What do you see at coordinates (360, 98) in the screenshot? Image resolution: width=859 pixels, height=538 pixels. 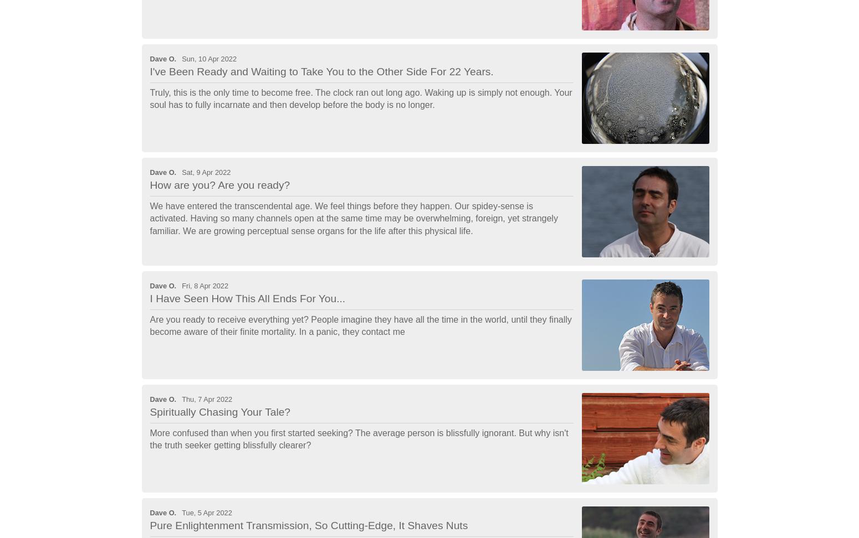 I see `'Truly, this is the only time to become free. The clock ran out long ago. Waking up is simply not enough. Your soul has to fully incarnate and then develop before the body is no longer.'` at bounding box center [360, 98].